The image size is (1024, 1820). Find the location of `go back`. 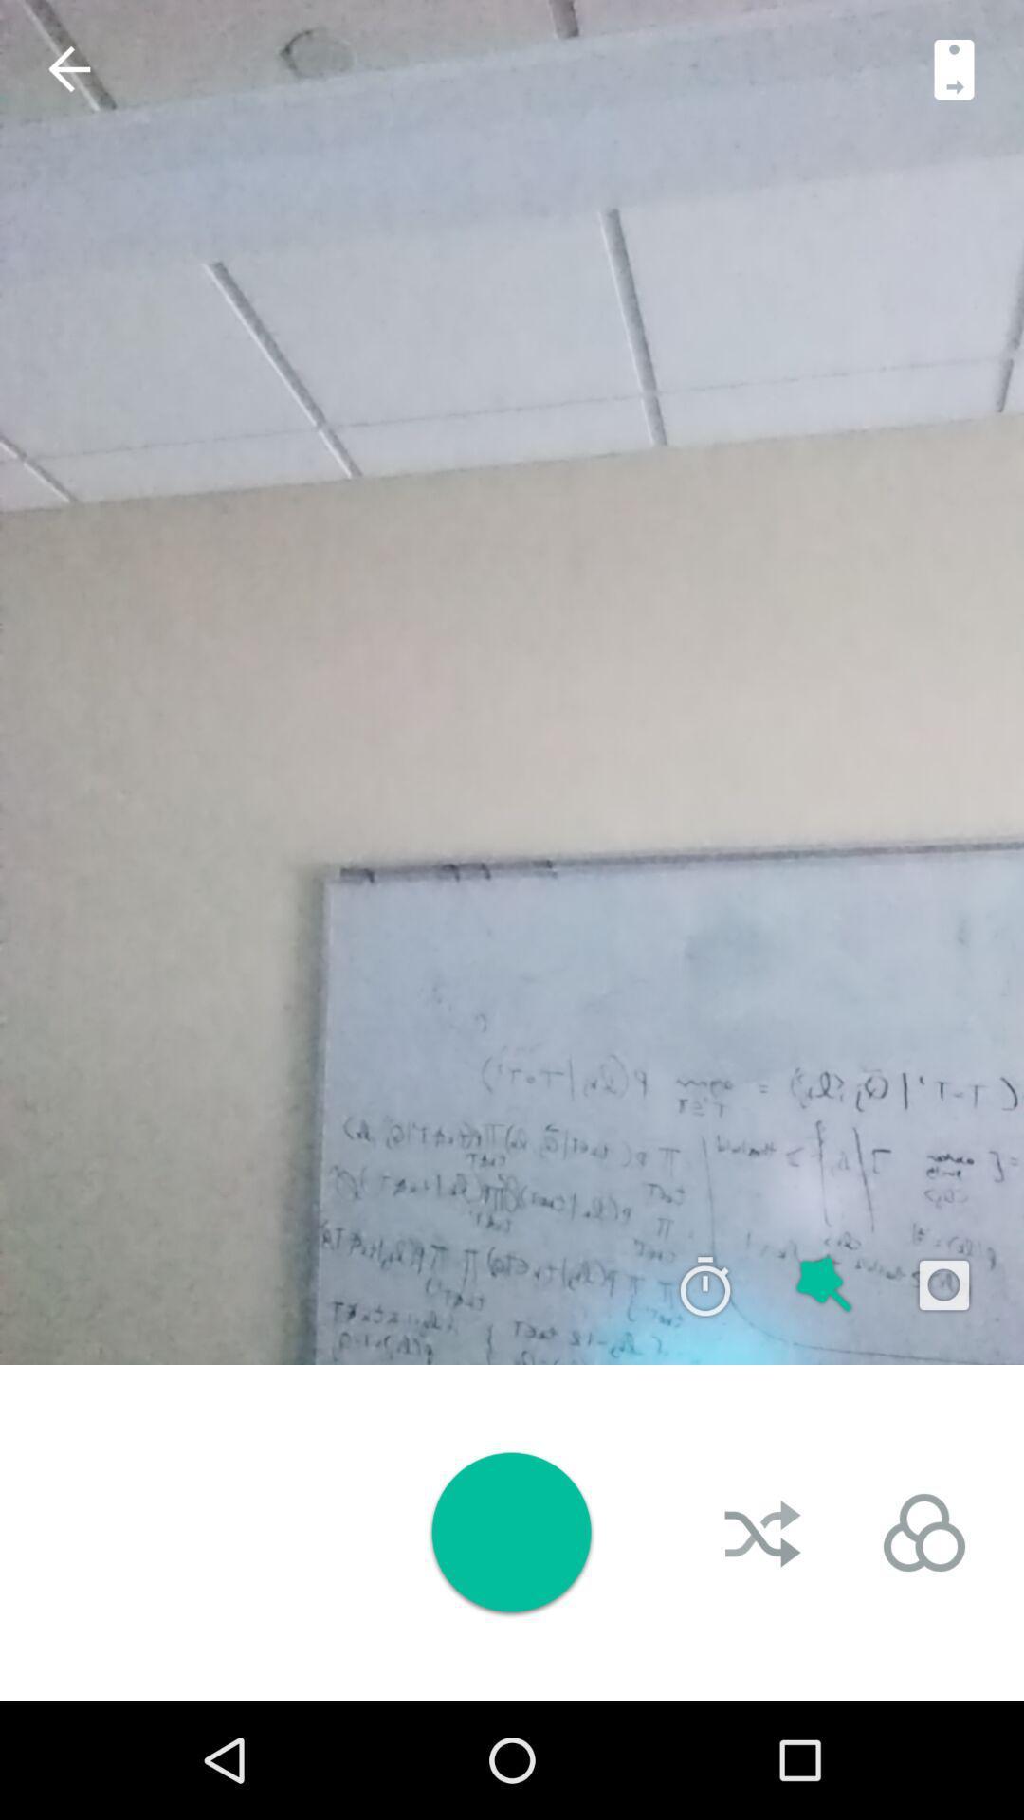

go back is located at coordinates (68, 69).